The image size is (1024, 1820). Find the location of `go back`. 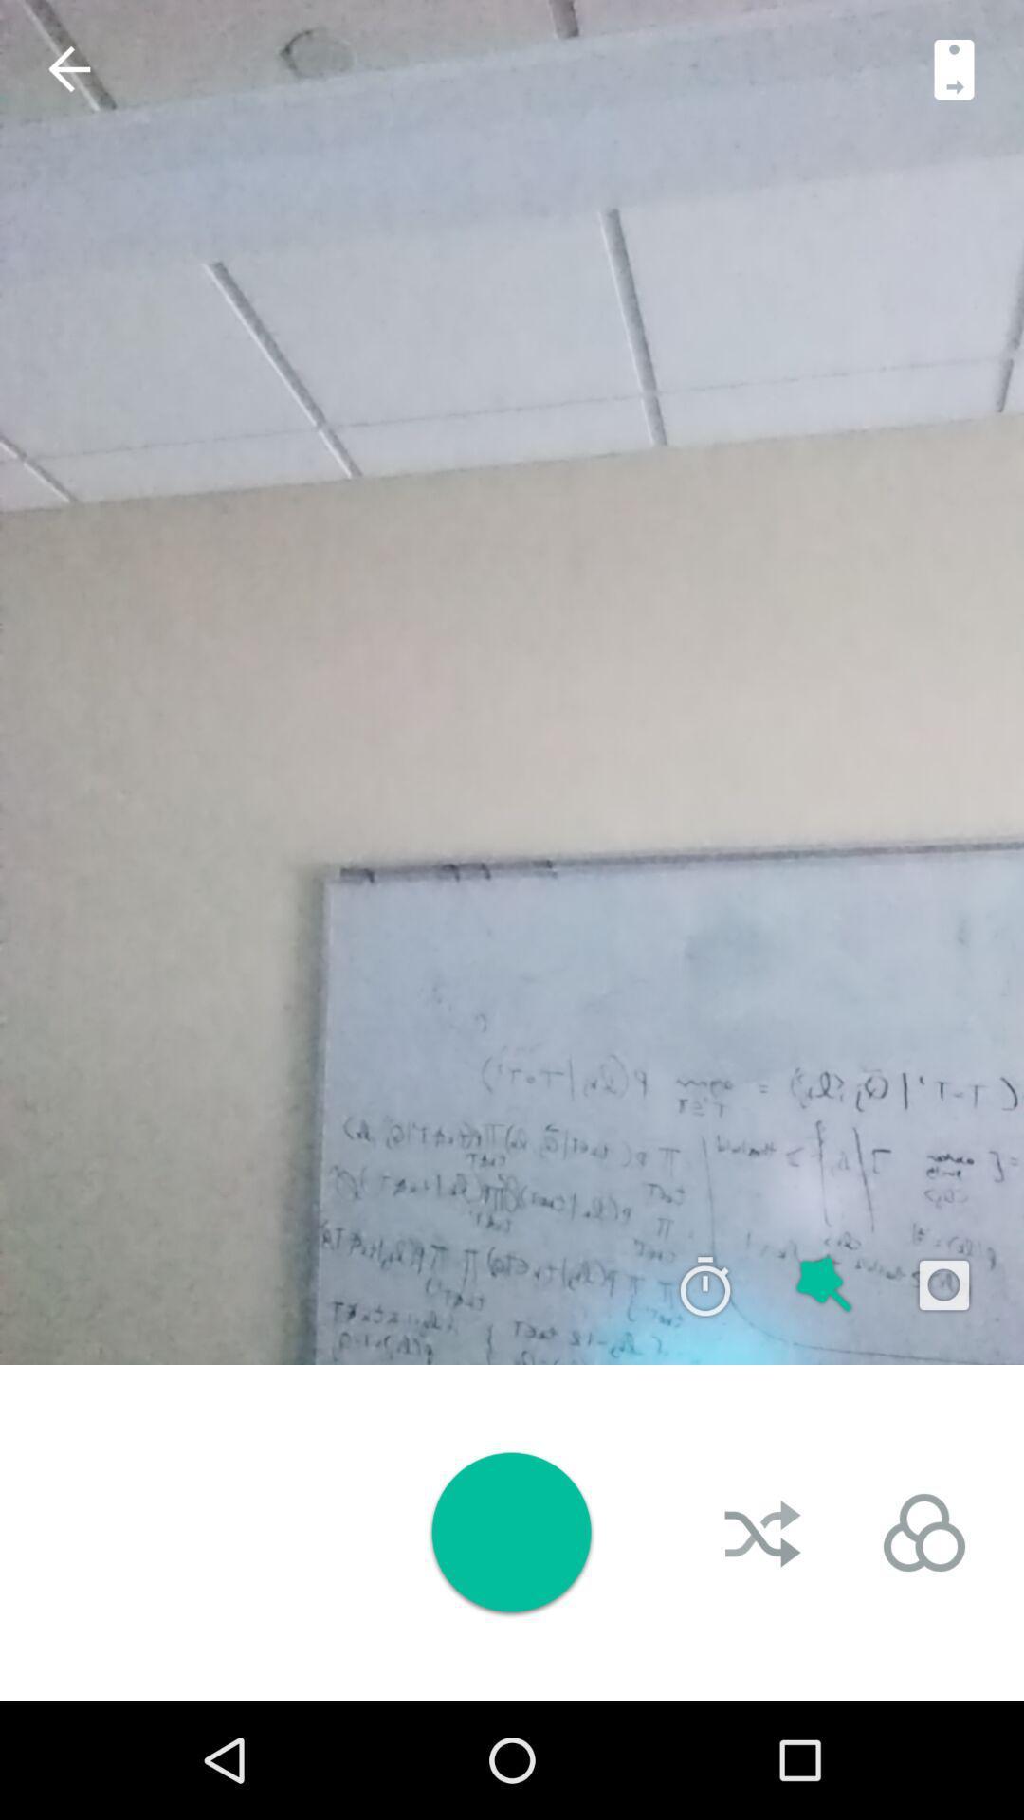

go back is located at coordinates (68, 69).